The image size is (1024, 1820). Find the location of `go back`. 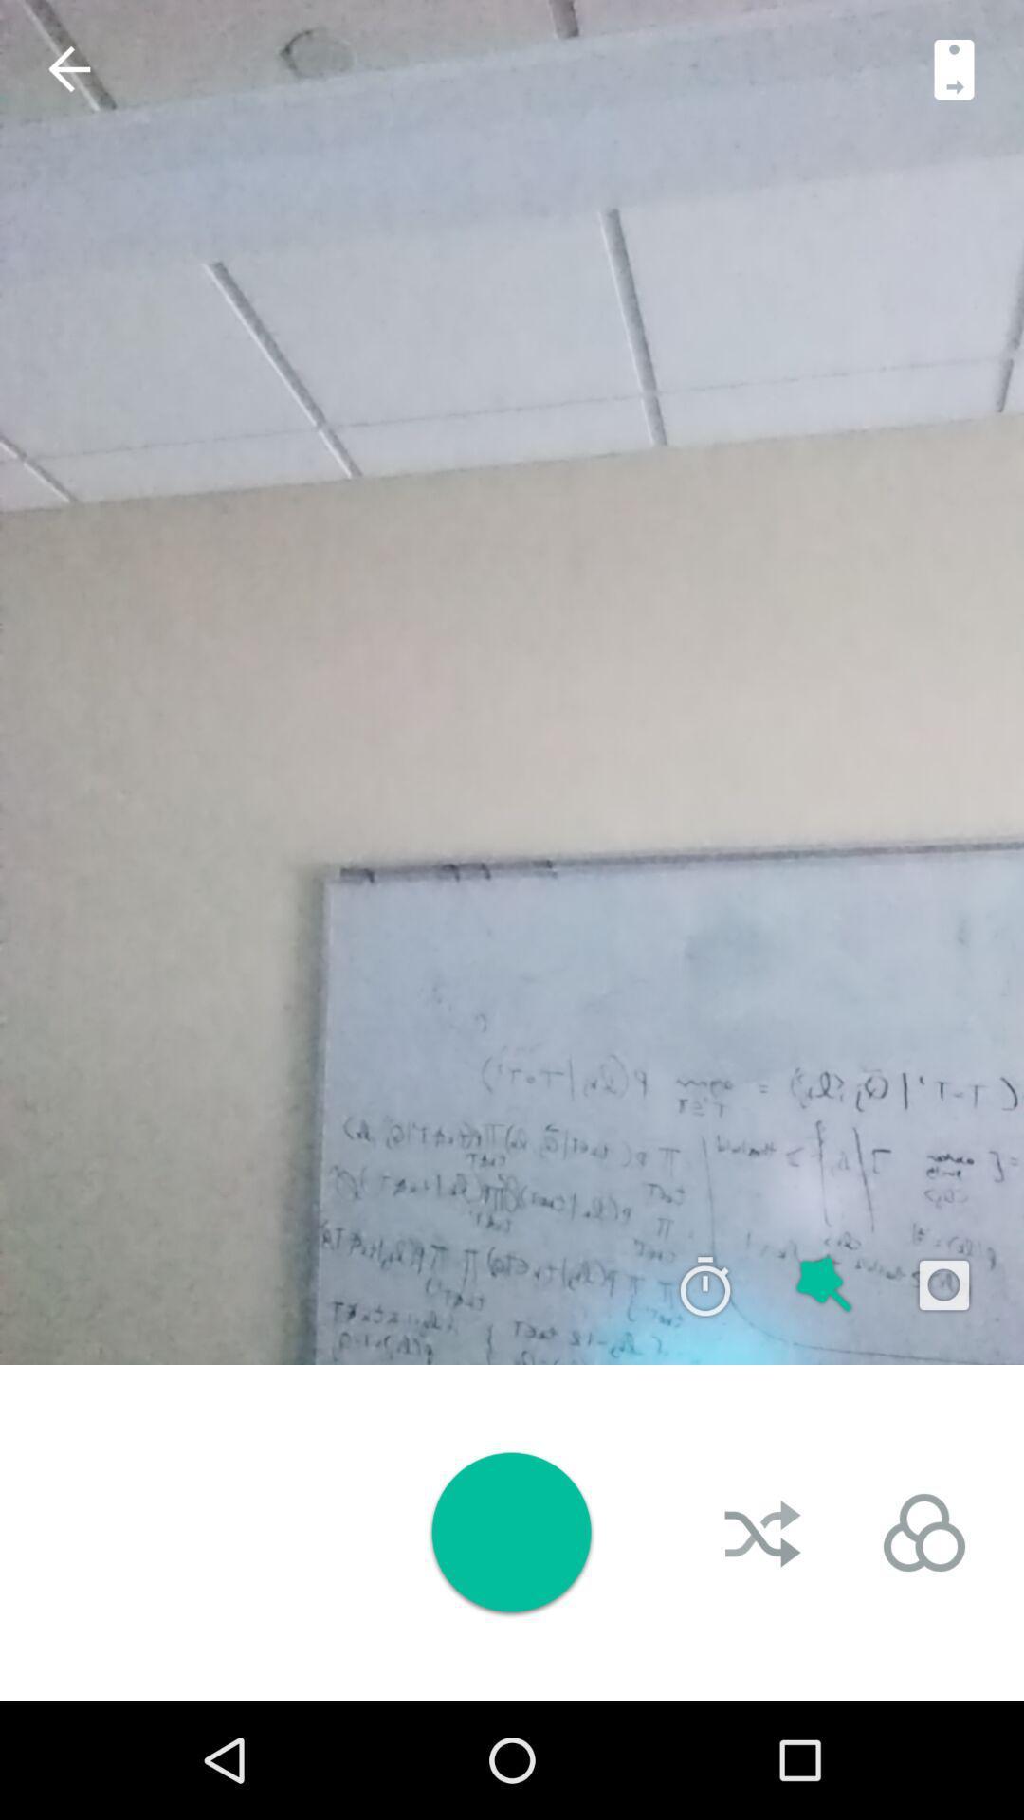

go back is located at coordinates (68, 69).